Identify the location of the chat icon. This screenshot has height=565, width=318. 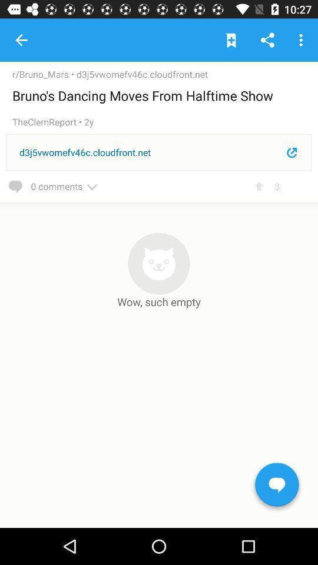
(277, 487).